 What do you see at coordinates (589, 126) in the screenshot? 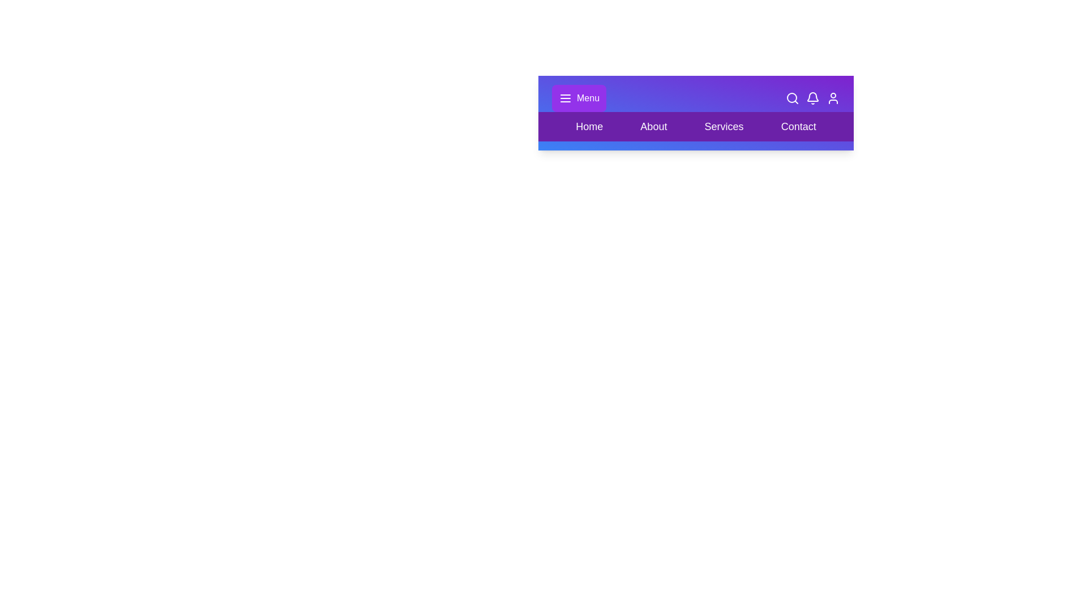
I see `the element Home to highlight it` at bounding box center [589, 126].